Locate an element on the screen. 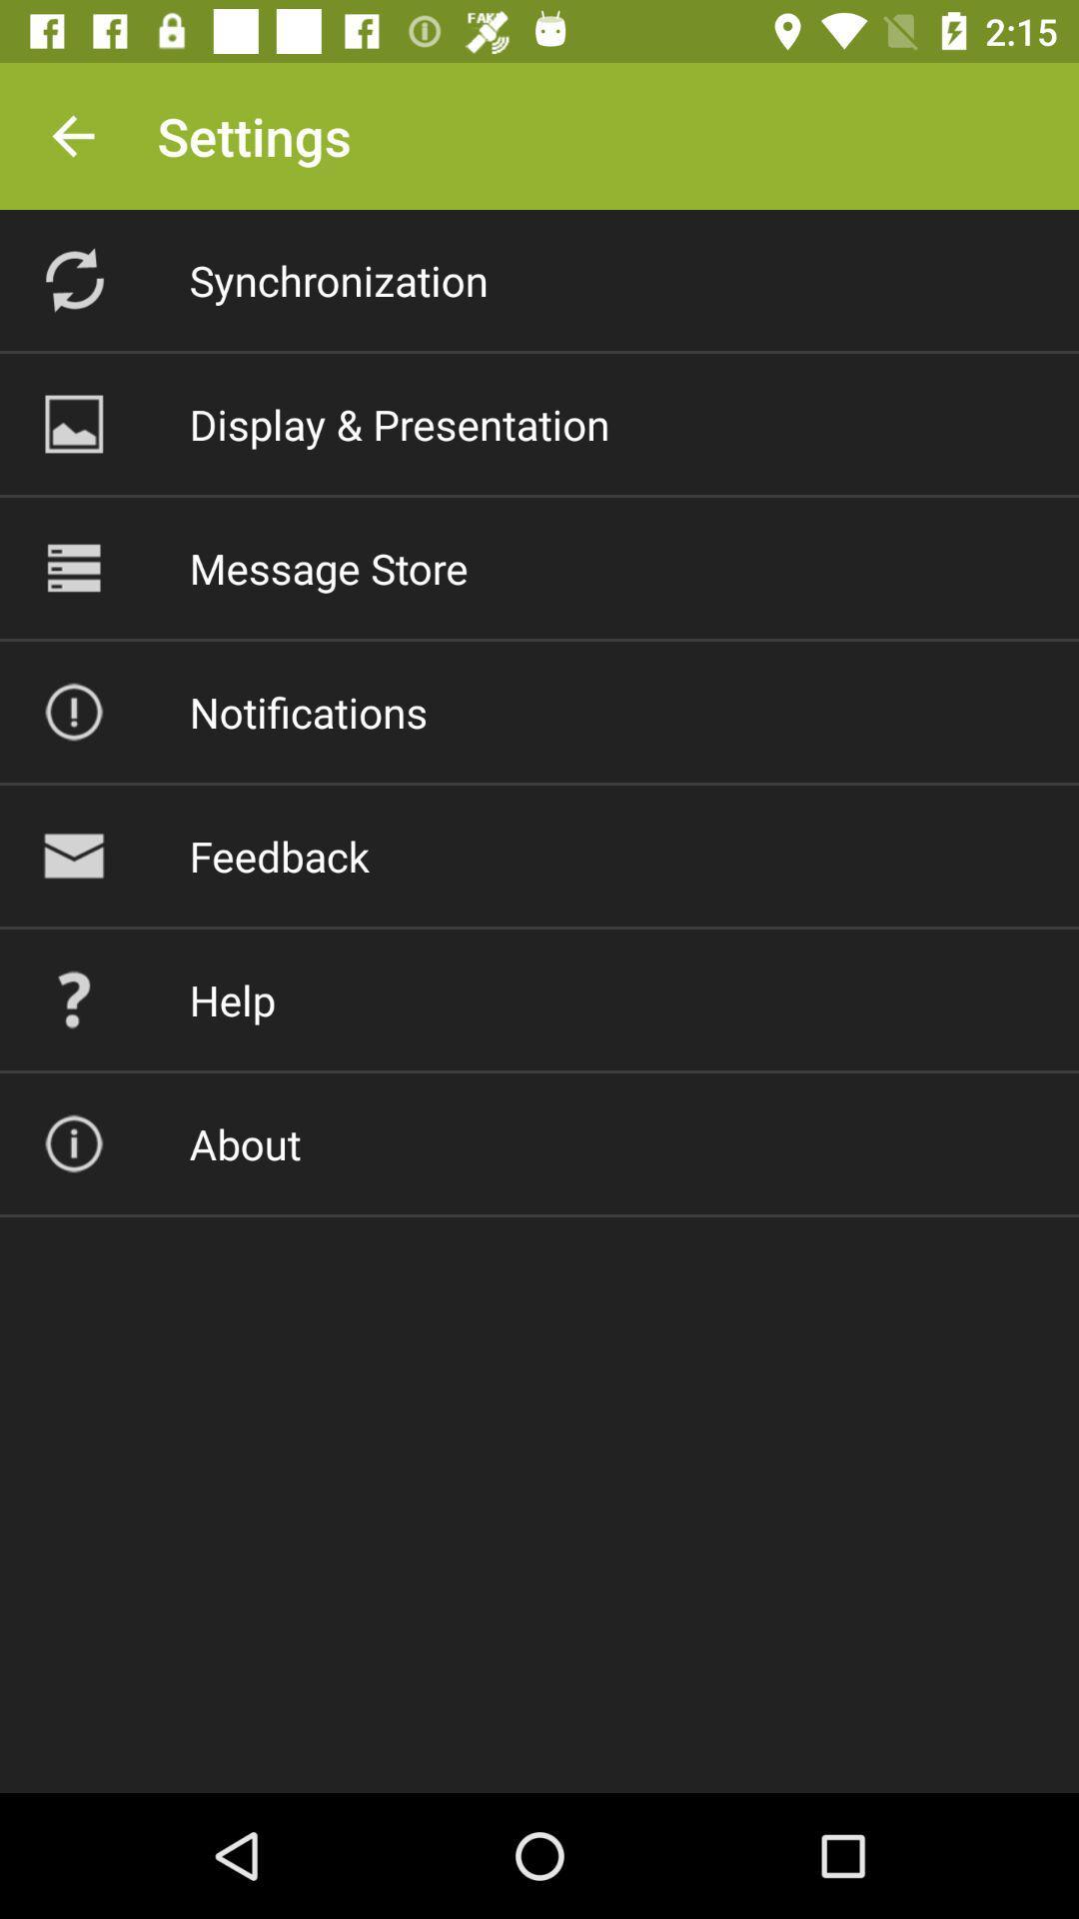 The height and width of the screenshot is (1919, 1079). app below the settings item is located at coordinates (338, 279).